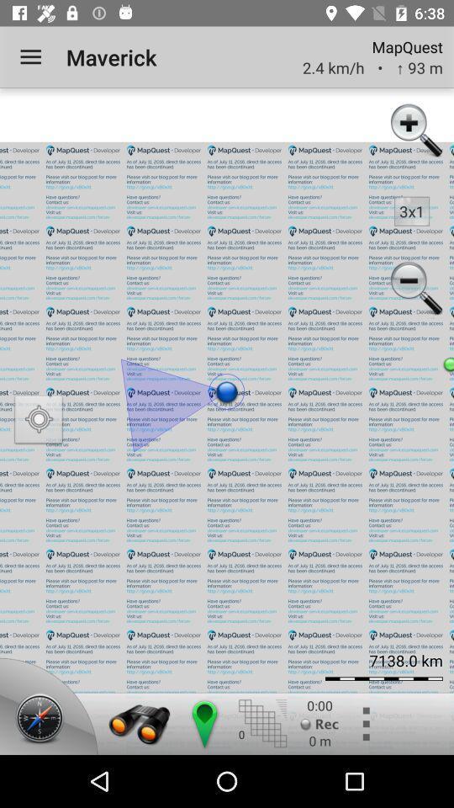 The width and height of the screenshot is (454, 808). What do you see at coordinates (139, 723) in the screenshot?
I see `search` at bounding box center [139, 723].